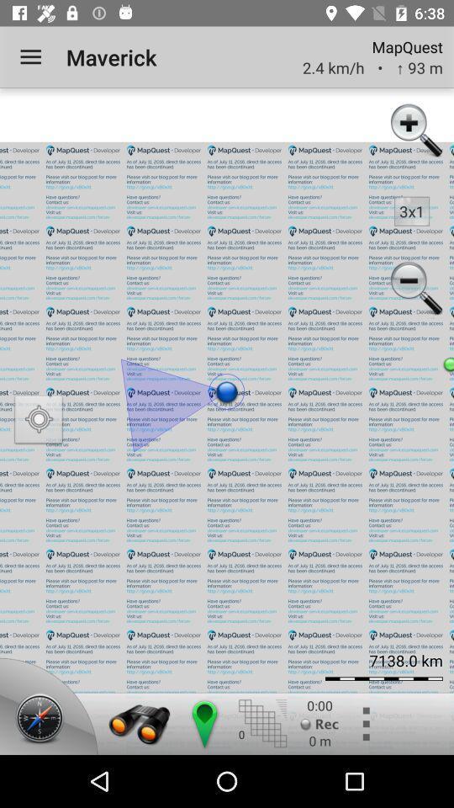 The width and height of the screenshot is (454, 808). What do you see at coordinates (139, 723) in the screenshot?
I see `search` at bounding box center [139, 723].